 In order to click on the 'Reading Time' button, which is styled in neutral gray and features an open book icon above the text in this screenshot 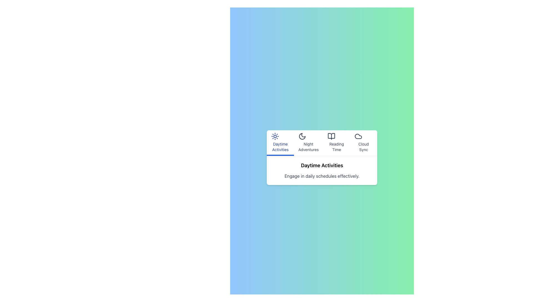, I will do `click(336, 142)`.